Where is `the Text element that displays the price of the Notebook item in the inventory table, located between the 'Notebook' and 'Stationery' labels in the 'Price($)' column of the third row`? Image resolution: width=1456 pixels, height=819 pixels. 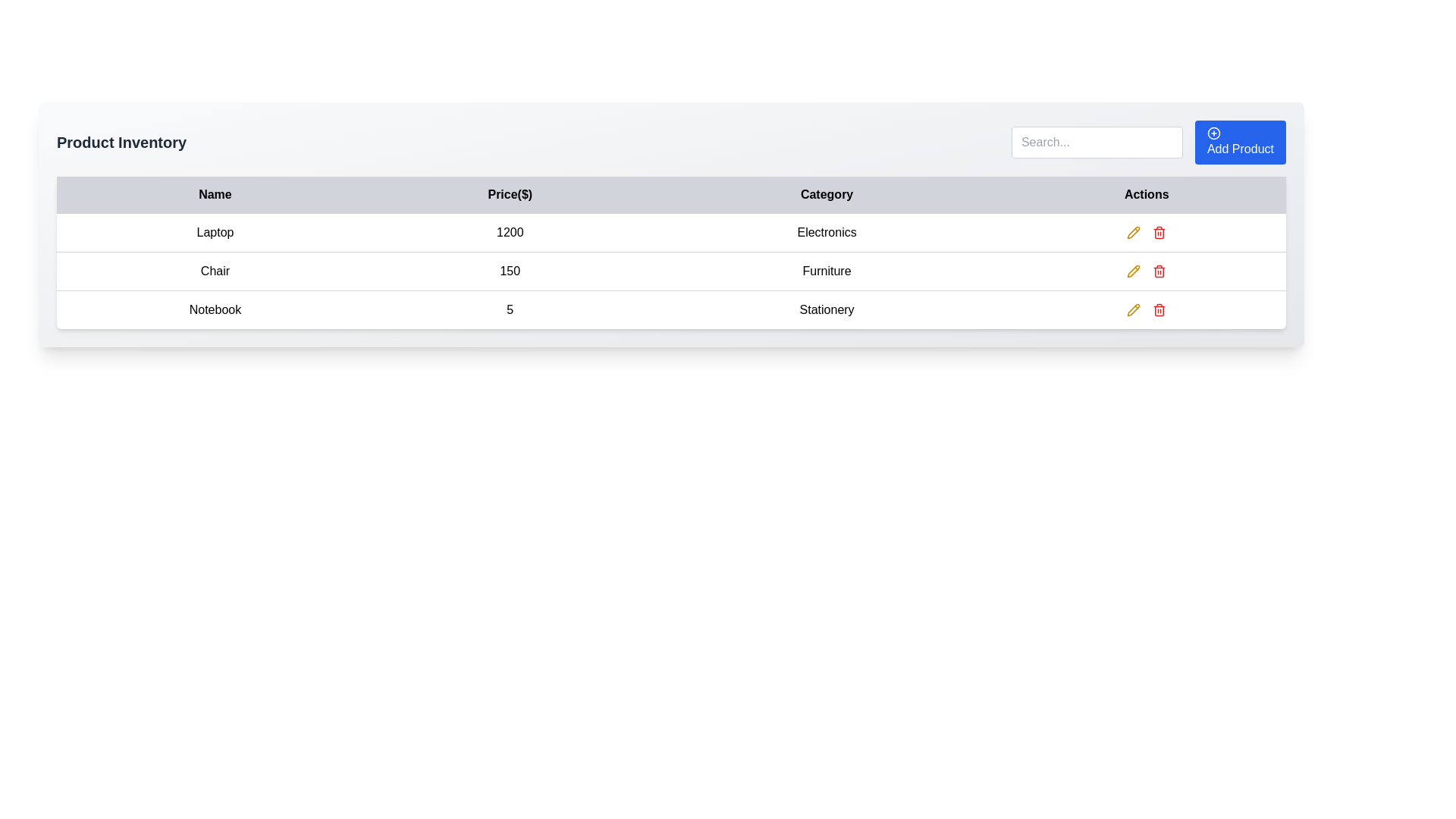
the Text element that displays the price of the Notebook item in the inventory table, located between the 'Notebook' and 'Stationery' labels in the 'Price($)' column of the third row is located at coordinates (510, 309).